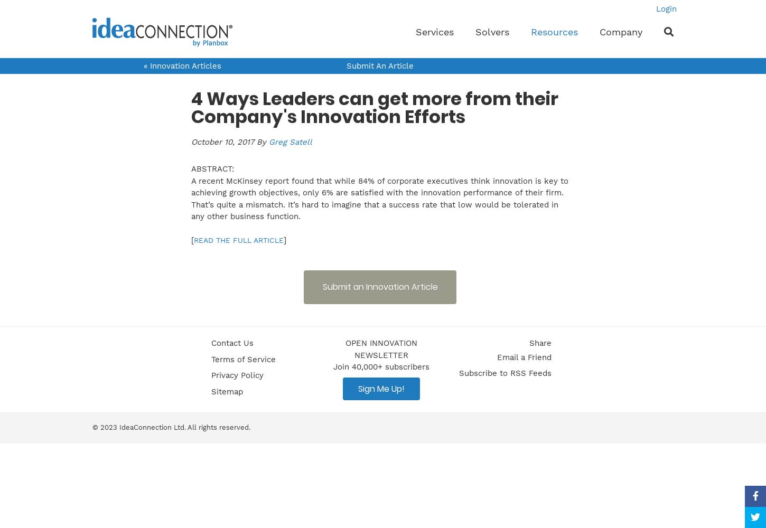  What do you see at coordinates (554, 32) in the screenshot?
I see `'Resources'` at bounding box center [554, 32].